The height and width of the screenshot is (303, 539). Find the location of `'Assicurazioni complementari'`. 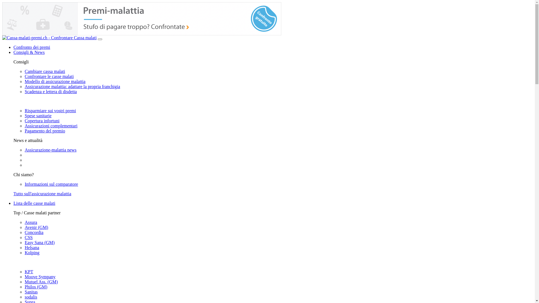

'Assicurazioni complementari' is located at coordinates (51, 125).